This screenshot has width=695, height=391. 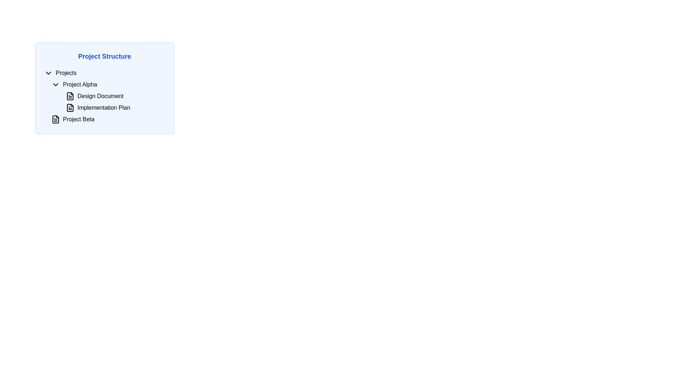 I want to click on the Collapsible Header Item under 'Project Structure' to navigate and expand or collapse its sub-items, so click(x=104, y=73).